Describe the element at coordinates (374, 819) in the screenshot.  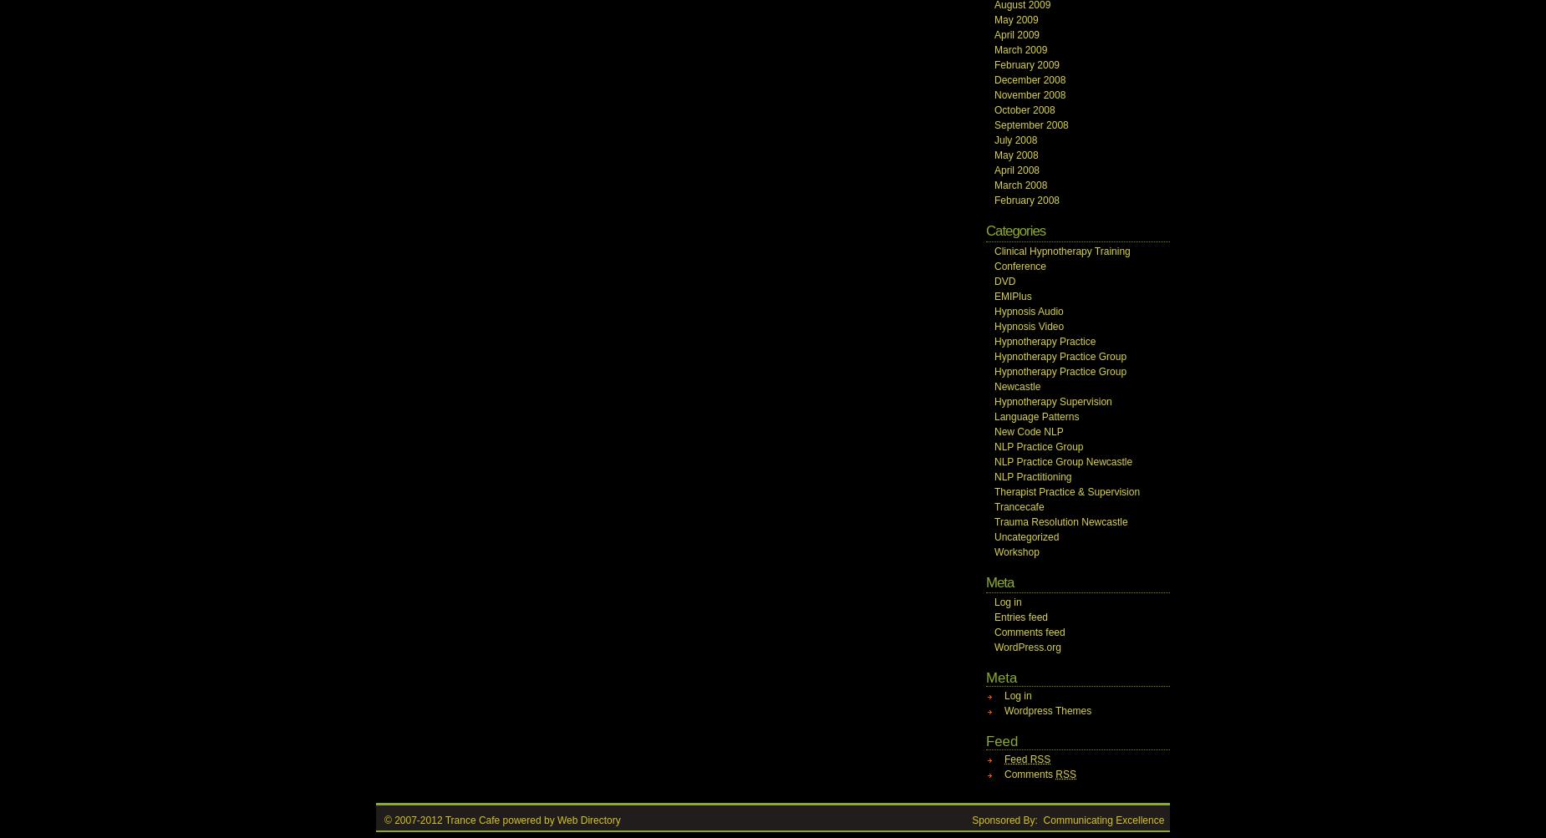
I see `'© 2007-2012 
    Trance Cafe    powered by'` at that location.